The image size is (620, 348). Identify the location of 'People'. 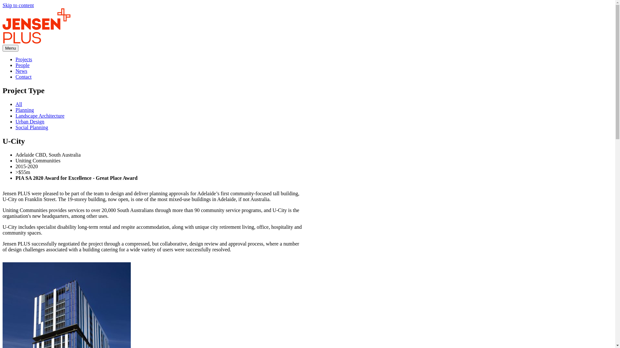
(23, 65).